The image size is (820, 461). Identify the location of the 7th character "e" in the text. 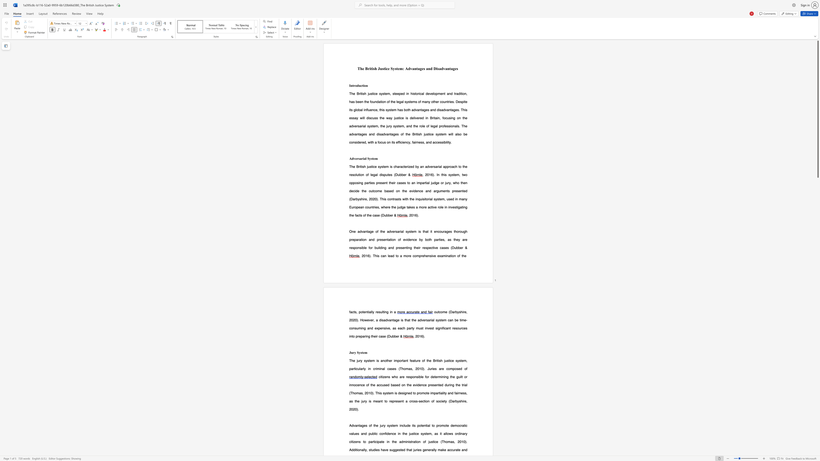
(419, 449).